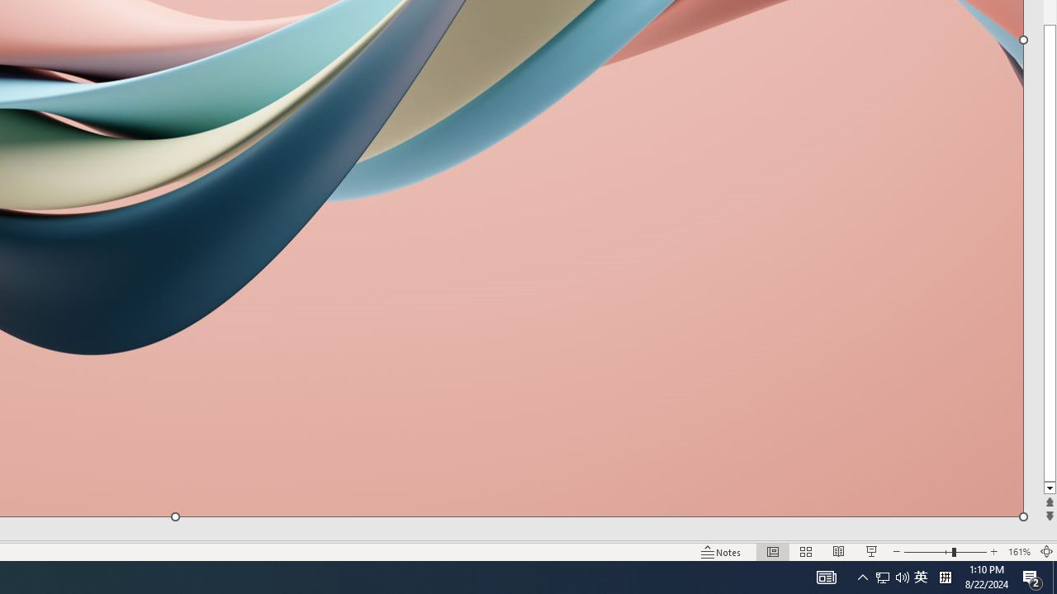 This screenshot has height=594, width=1057. Describe the element at coordinates (1018, 552) in the screenshot. I see `'Zoom 161%'` at that location.